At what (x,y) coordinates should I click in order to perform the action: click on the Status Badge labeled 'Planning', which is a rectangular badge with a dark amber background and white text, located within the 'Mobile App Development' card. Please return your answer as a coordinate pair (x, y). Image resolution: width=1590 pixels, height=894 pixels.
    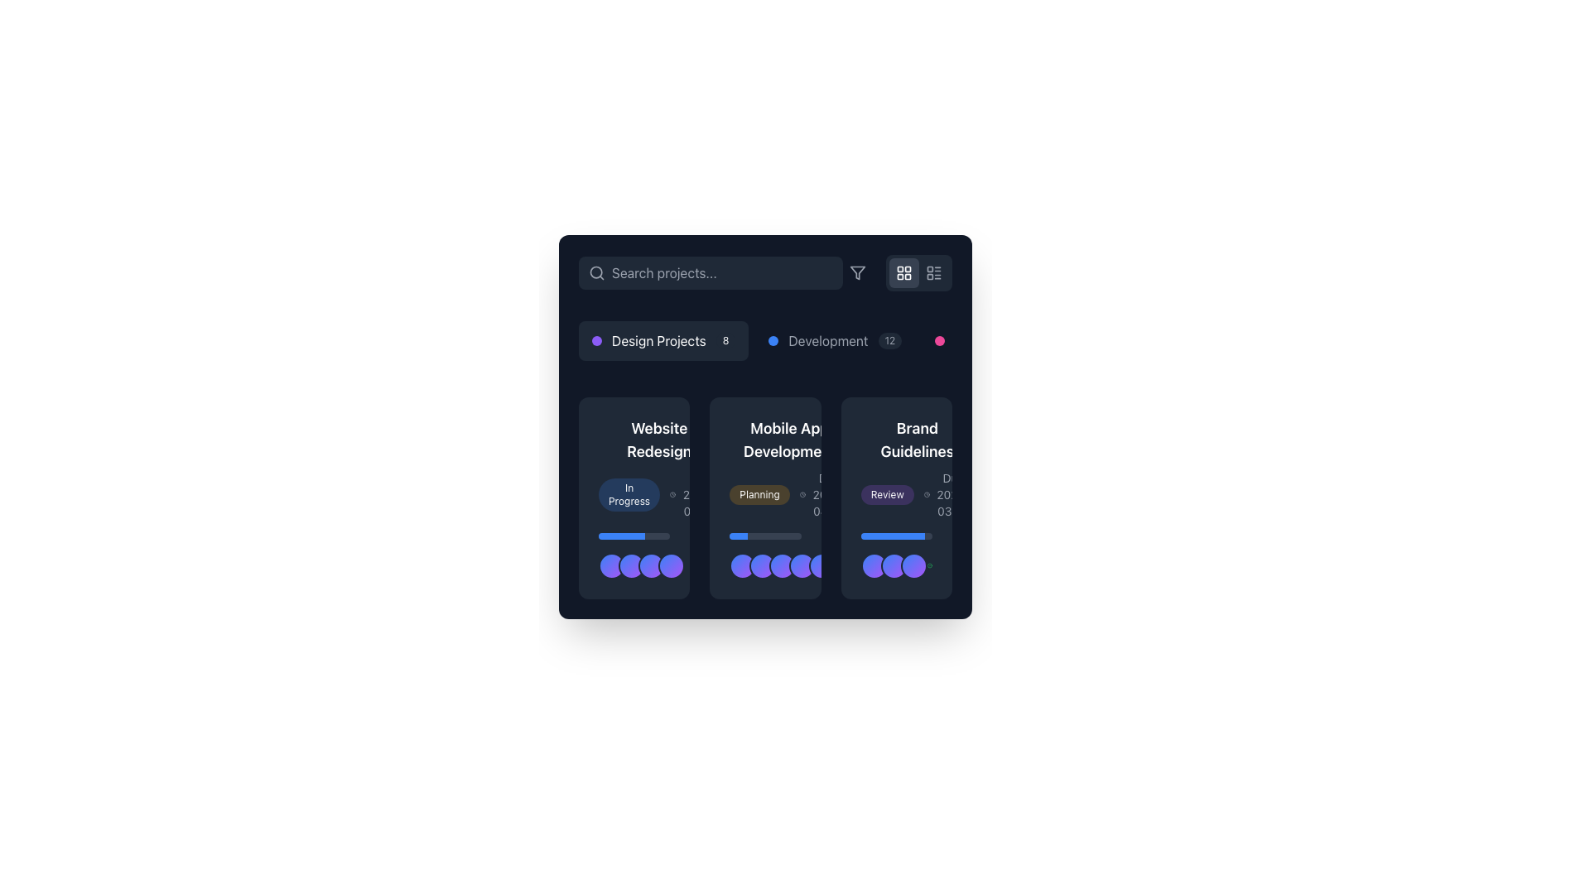
    Looking at the image, I should click on (764, 497).